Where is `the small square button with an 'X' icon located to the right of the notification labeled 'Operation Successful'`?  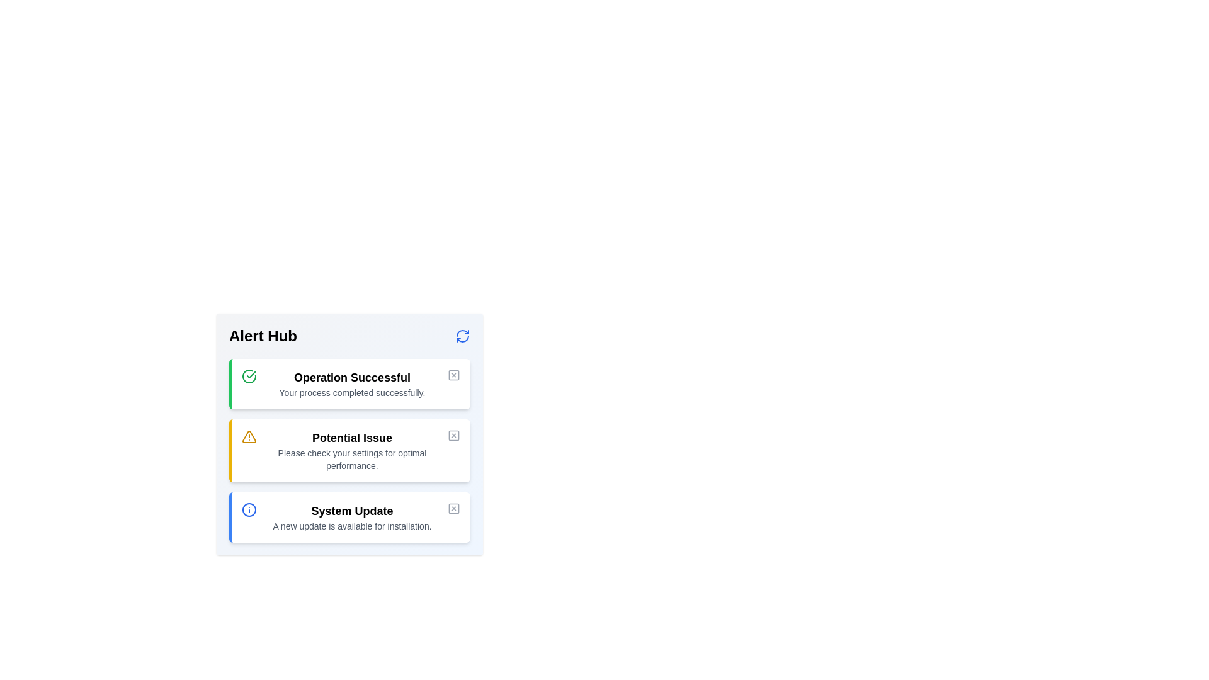
the small square button with an 'X' icon located to the right of the notification labeled 'Operation Successful' is located at coordinates (453, 375).